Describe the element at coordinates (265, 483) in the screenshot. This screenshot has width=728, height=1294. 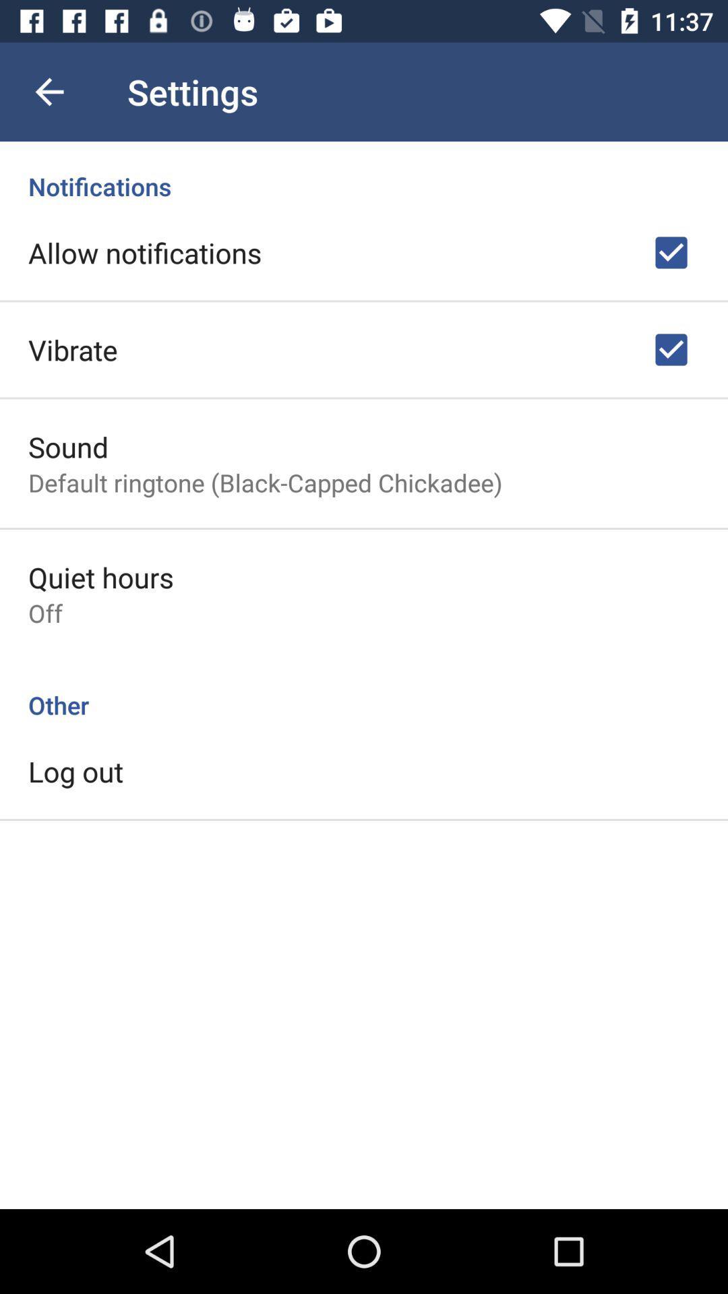
I see `the icon above the quiet hours item` at that location.